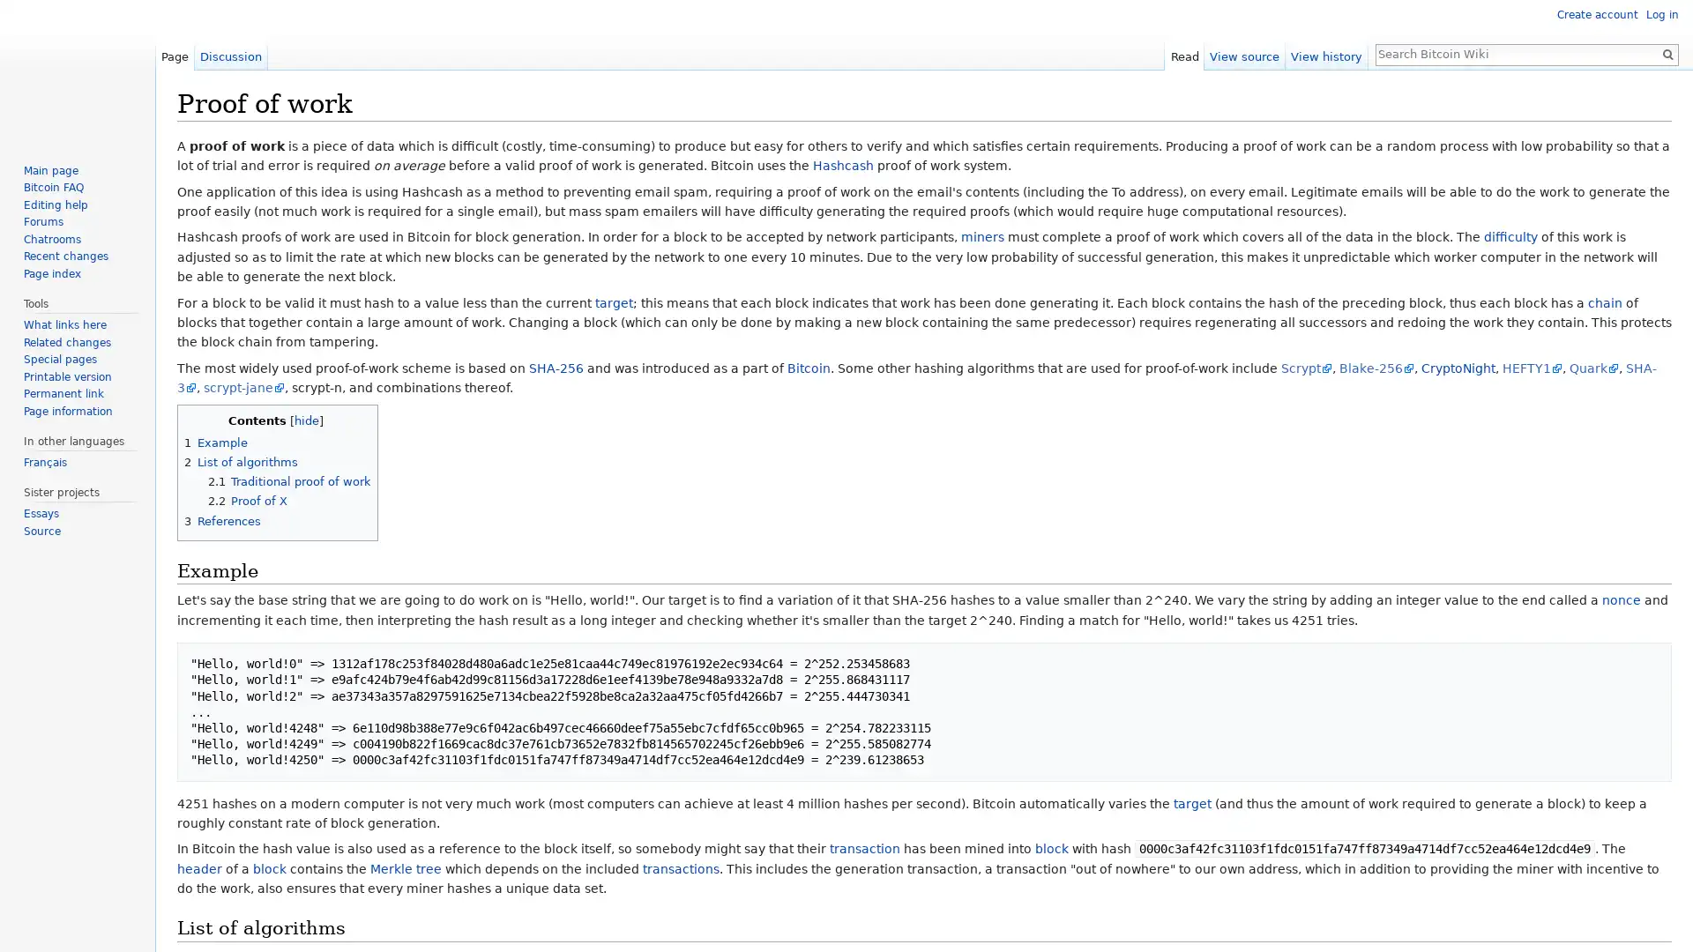 Image resolution: width=1693 pixels, height=952 pixels. I want to click on hide, so click(306, 420).